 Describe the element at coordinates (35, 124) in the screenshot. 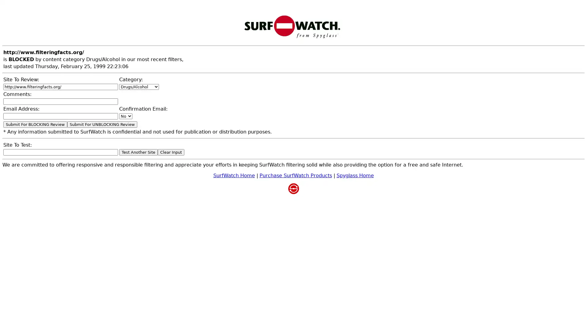

I see `Submit For BLOCKING Review` at that location.